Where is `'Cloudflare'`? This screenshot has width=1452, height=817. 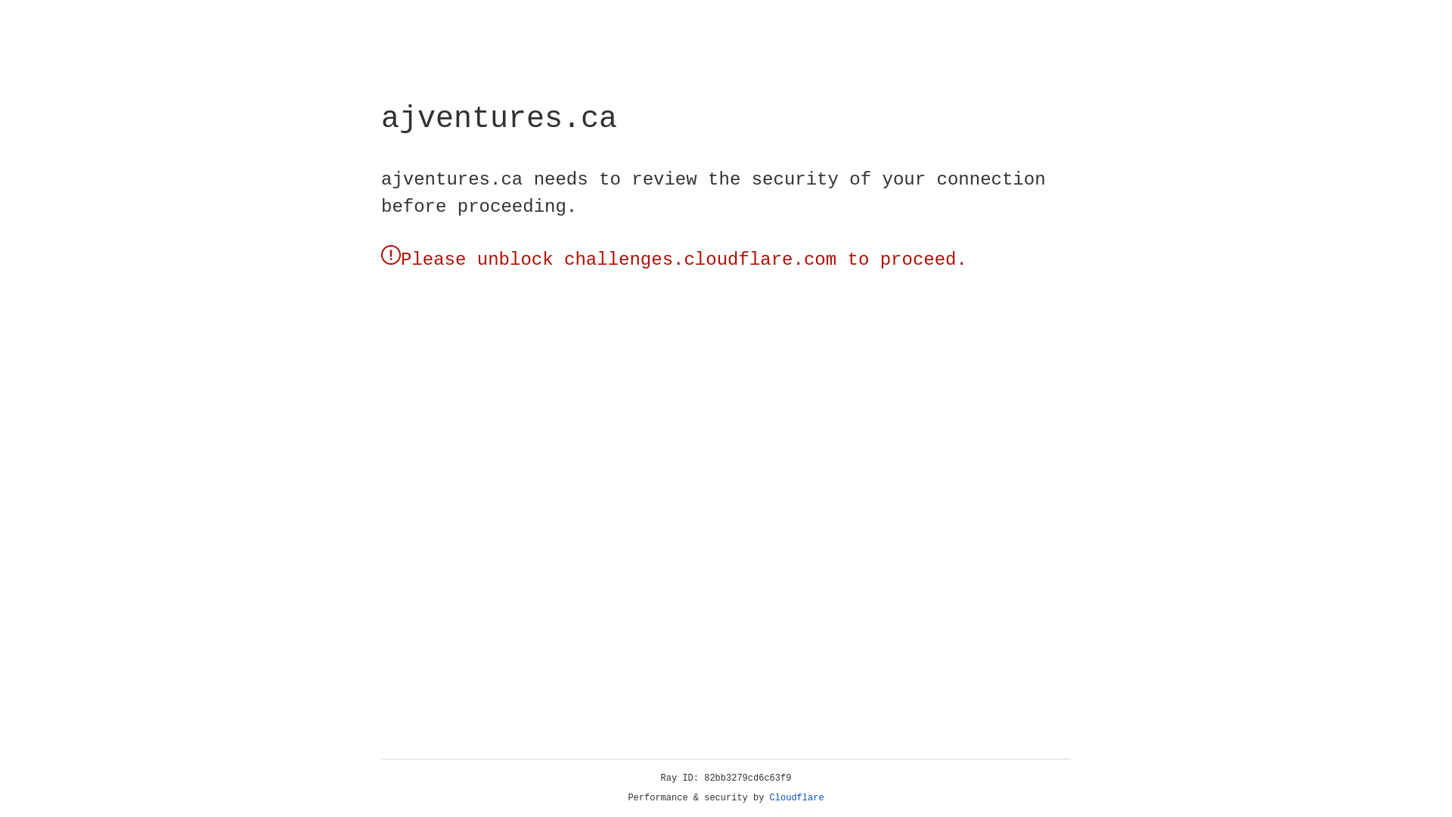
'Cloudflare' is located at coordinates (796, 797).